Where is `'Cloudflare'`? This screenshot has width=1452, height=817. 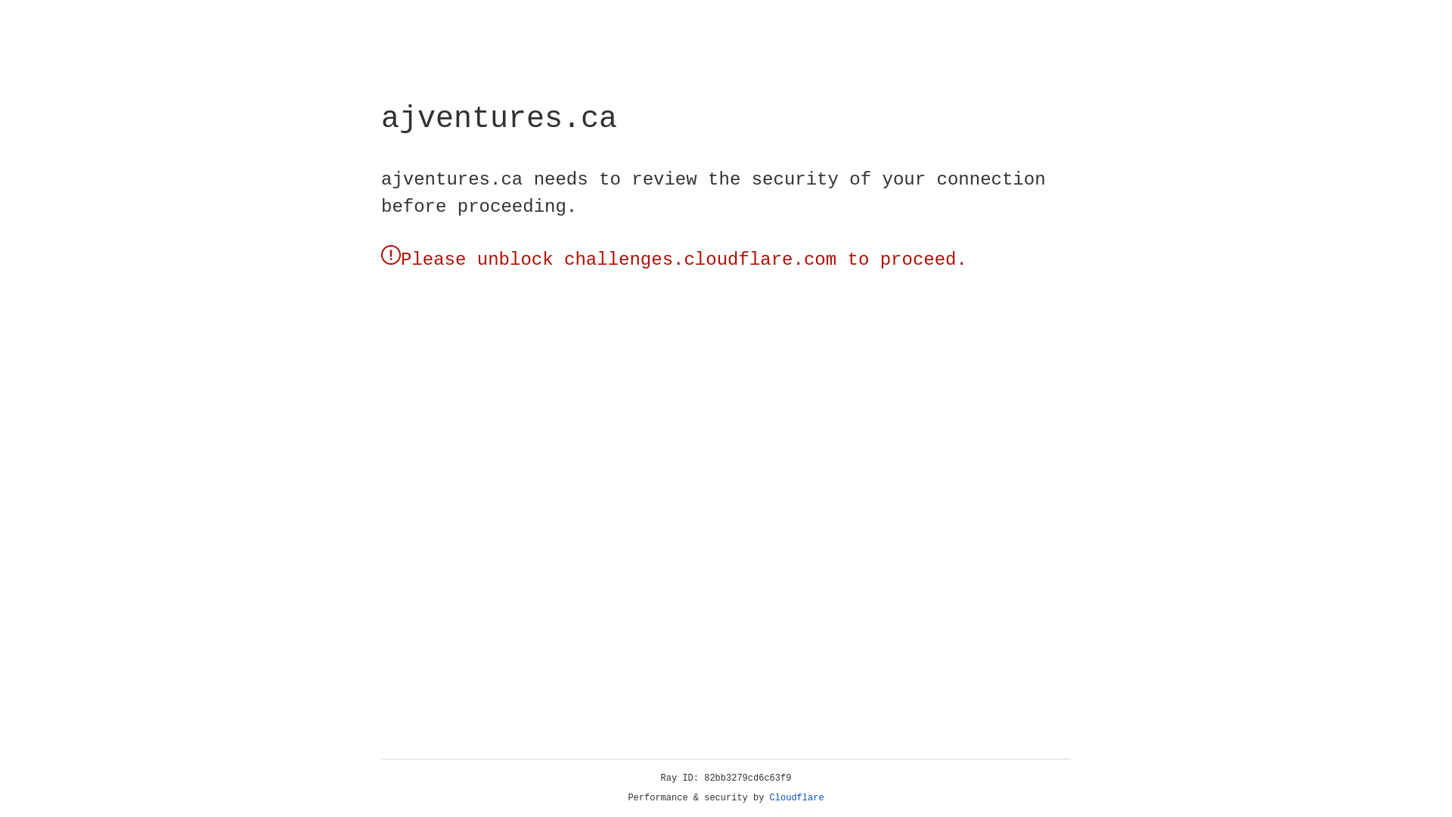
'Cloudflare' is located at coordinates (796, 797).